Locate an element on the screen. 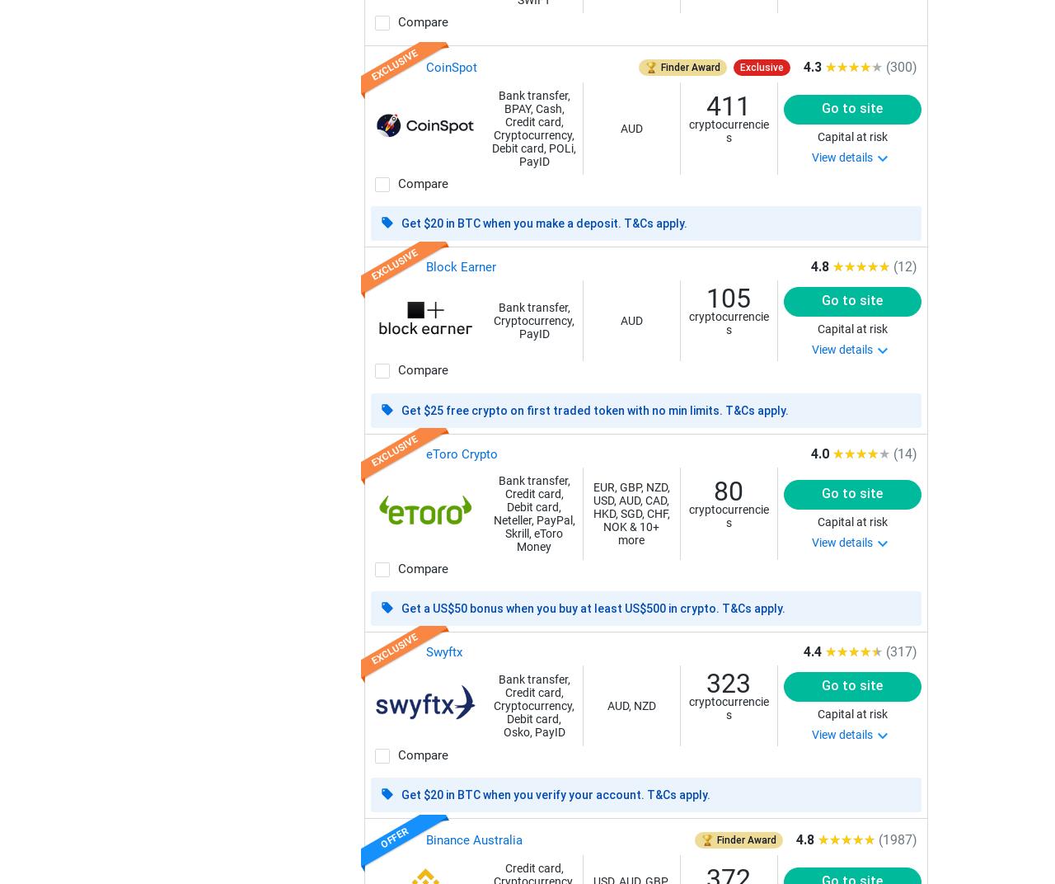 This screenshot has width=1055, height=884. '323' is located at coordinates (727, 682).